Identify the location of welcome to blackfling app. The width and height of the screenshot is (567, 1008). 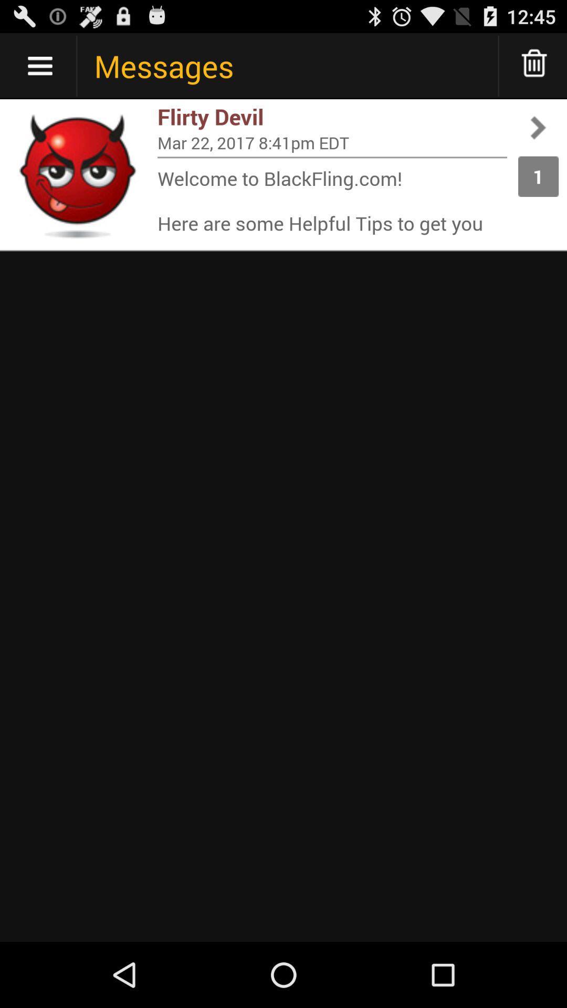
(332, 200).